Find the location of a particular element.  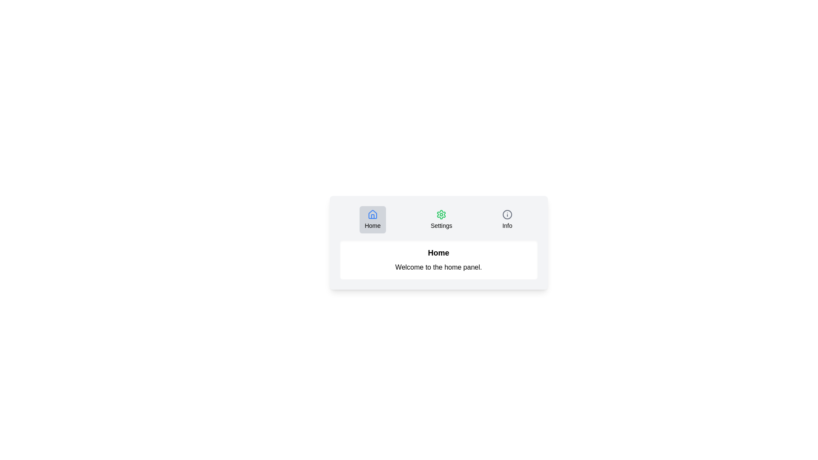

the Settings tab by clicking its button is located at coordinates (441, 219).